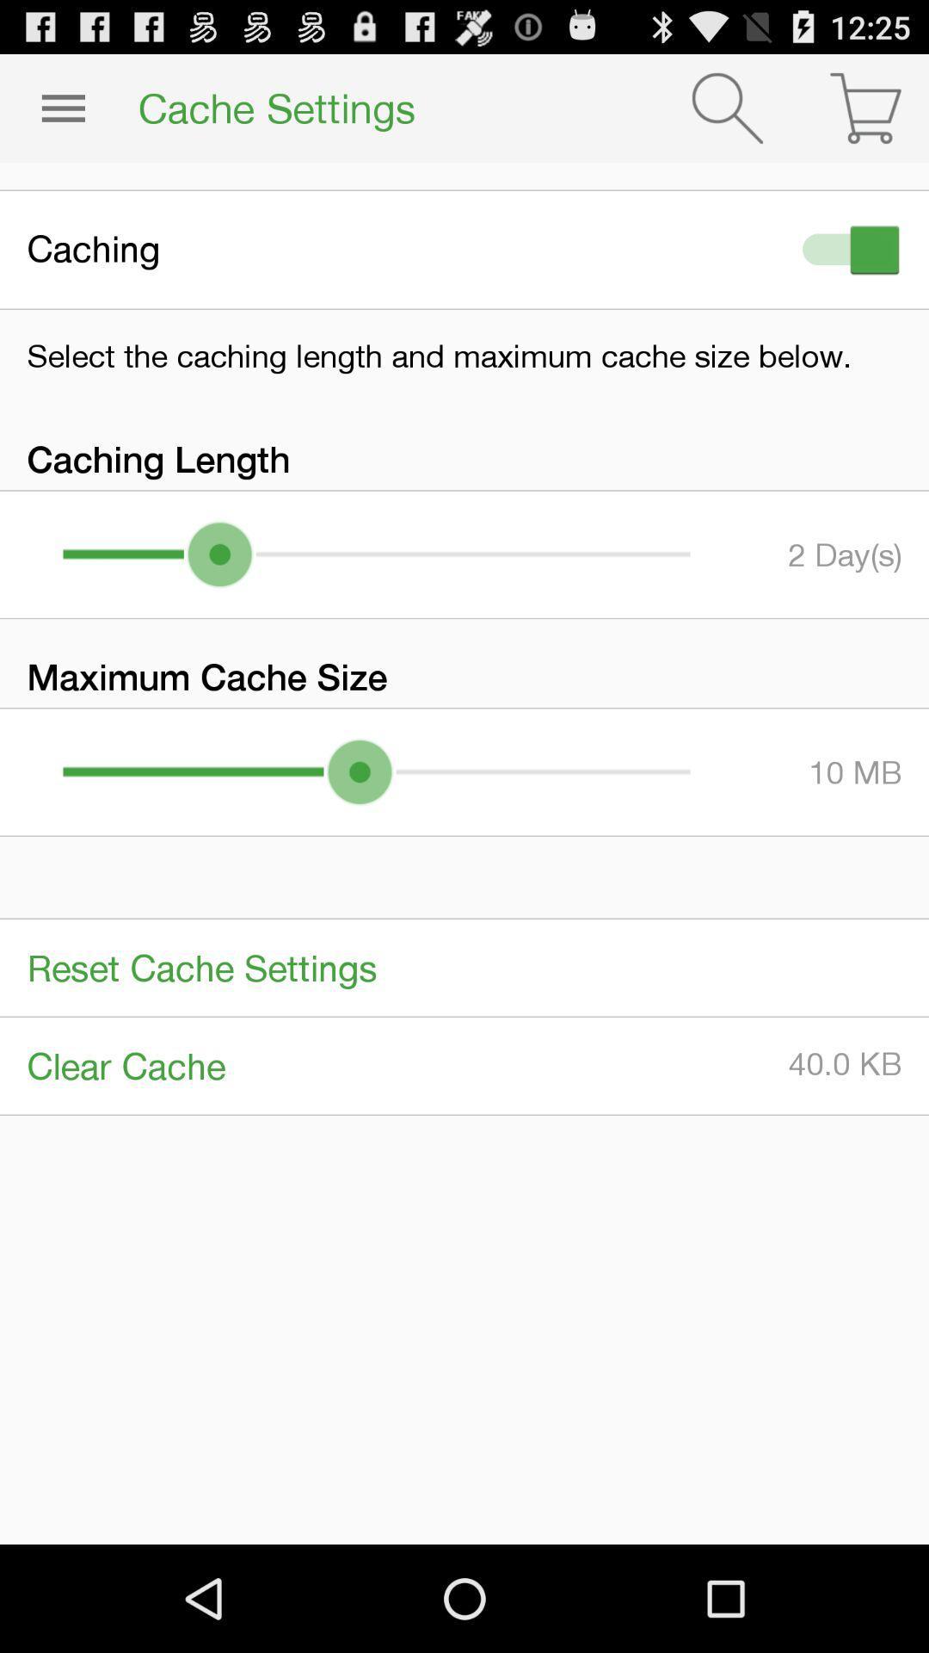 This screenshot has height=1653, width=929. Describe the element at coordinates (846, 249) in the screenshot. I see `a slide bar from left to right to allow caching` at that location.